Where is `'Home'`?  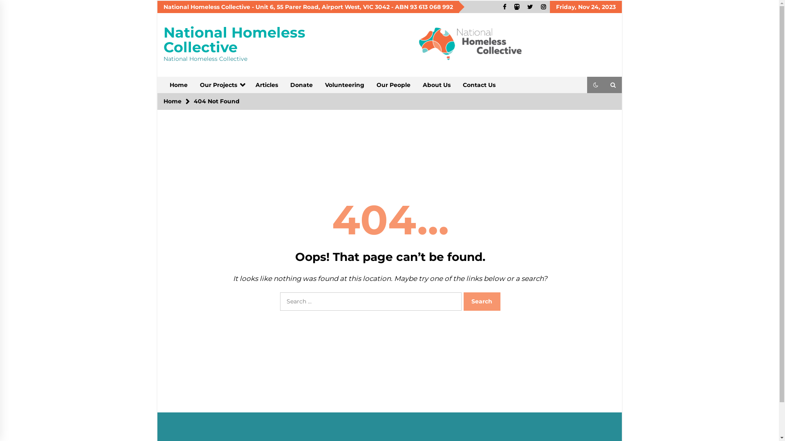 'Home' is located at coordinates (178, 85).